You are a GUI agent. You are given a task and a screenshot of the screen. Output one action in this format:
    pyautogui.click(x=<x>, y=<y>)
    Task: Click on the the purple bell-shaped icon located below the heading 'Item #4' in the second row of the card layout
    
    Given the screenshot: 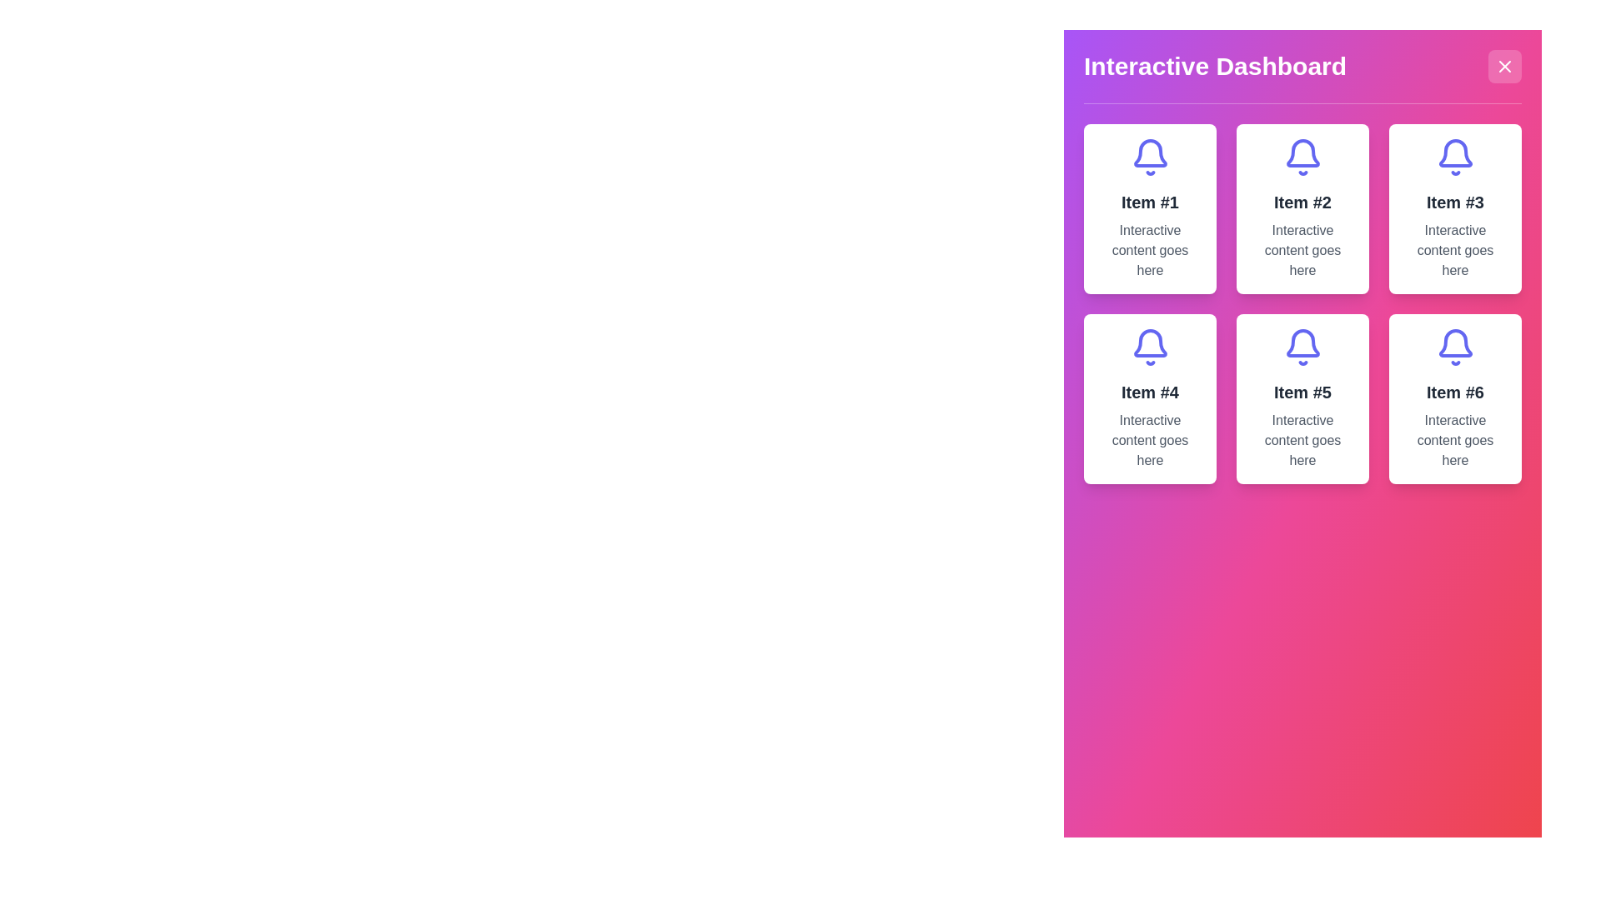 What is the action you would take?
    pyautogui.click(x=1149, y=346)
    